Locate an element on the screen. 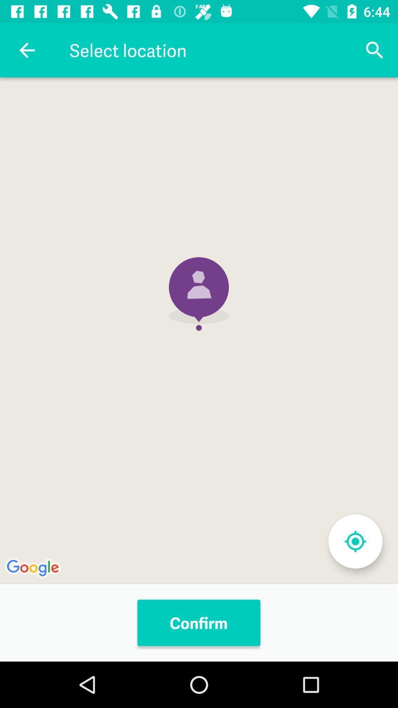 The width and height of the screenshot is (398, 708). locate is located at coordinates (355, 541).